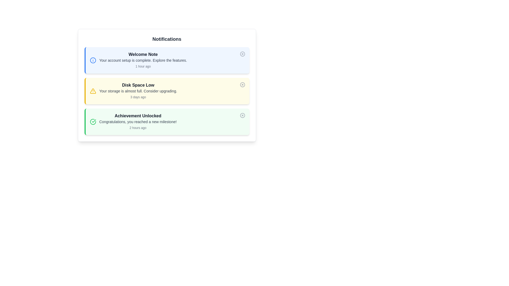 Image resolution: width=509 pixels, height=286 pixels. I want to click on the warning icon, which is a triangular icon located to the left of the 'Disk Space Low' text in the second notification card with a light yellow background, to interpret its visual communication, so click(93, 91).